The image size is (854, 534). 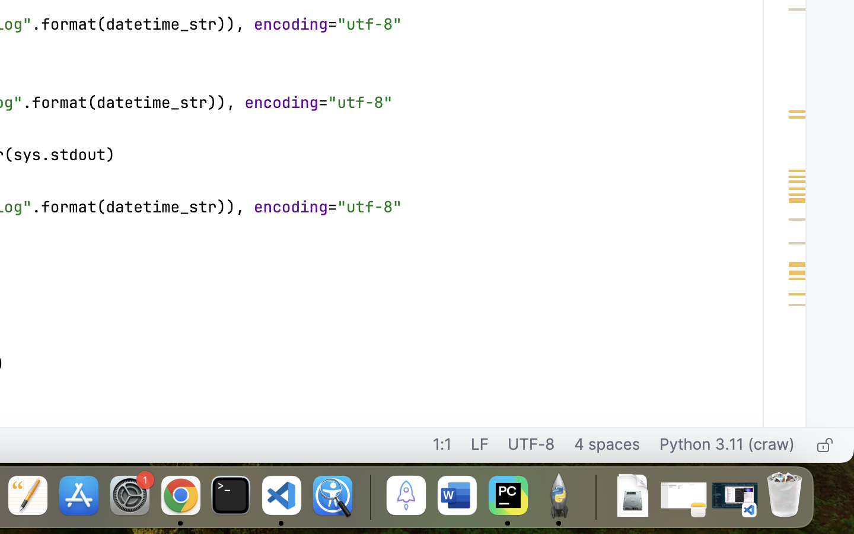 I want to click on '1:1', so click(x=442, y=444).